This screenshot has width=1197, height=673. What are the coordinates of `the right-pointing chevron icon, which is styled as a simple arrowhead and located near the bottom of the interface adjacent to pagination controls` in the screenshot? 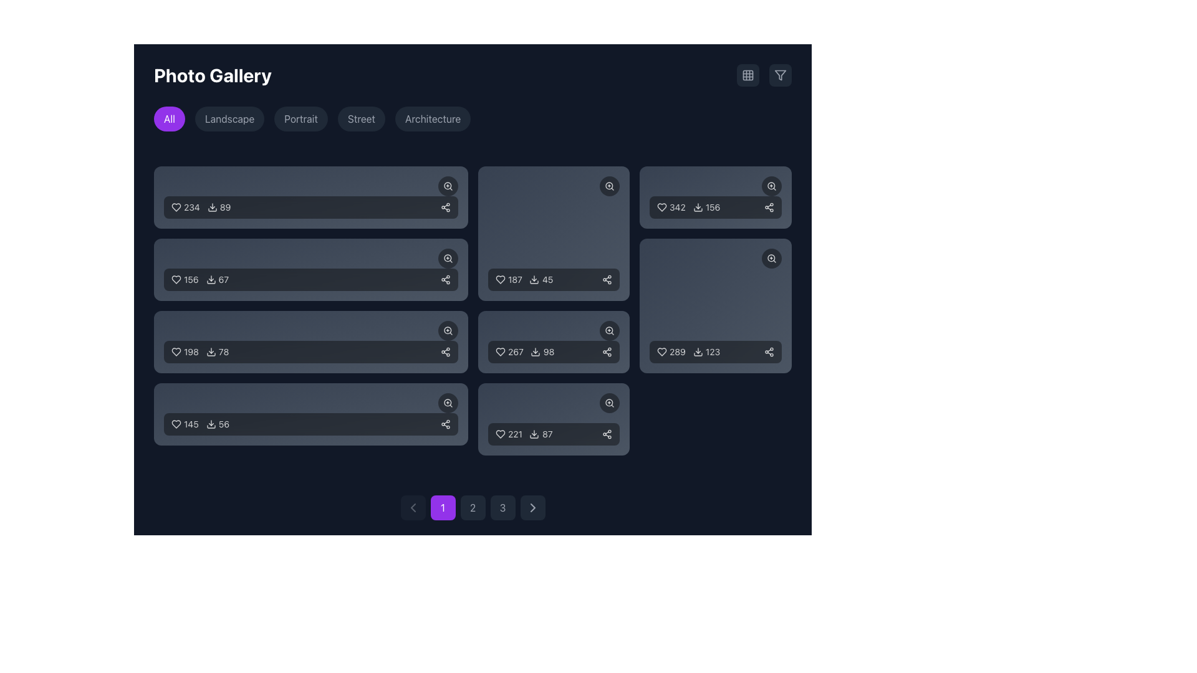 It's located at (532, 507).